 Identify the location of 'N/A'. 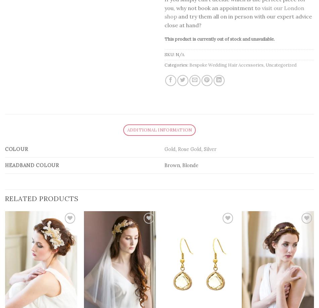
(180, 54).